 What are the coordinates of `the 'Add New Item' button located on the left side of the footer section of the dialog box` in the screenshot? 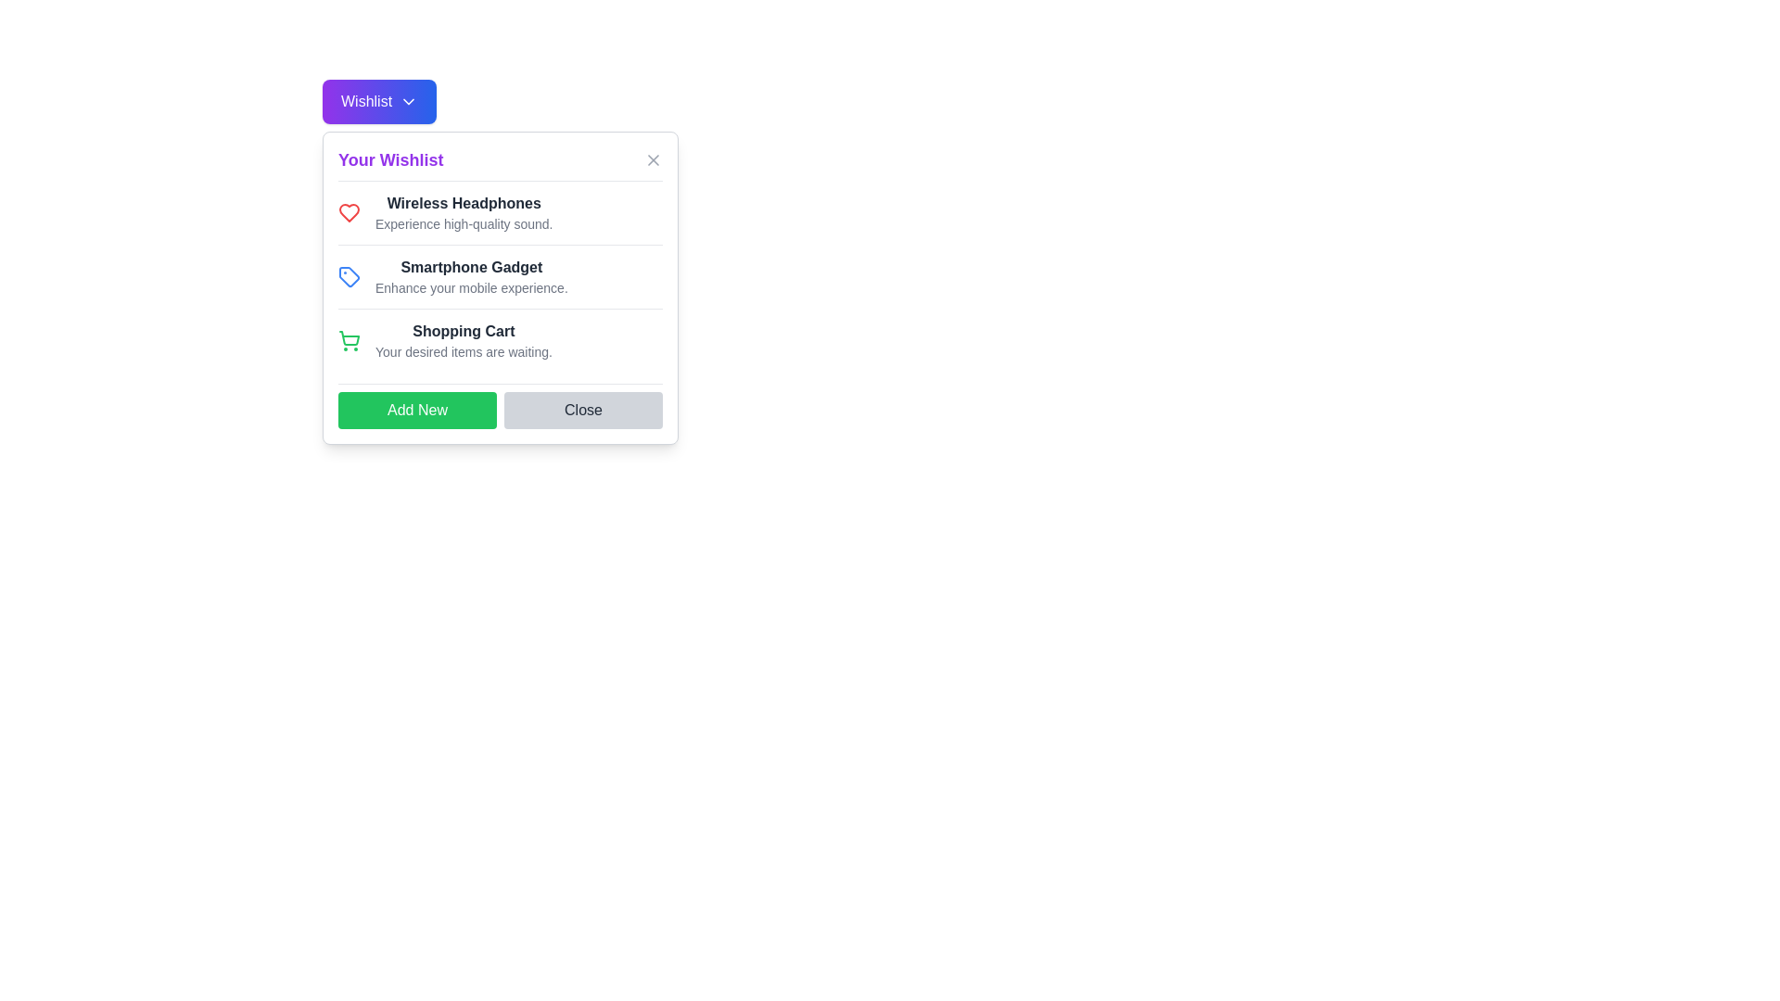 It's located at (416, 410).